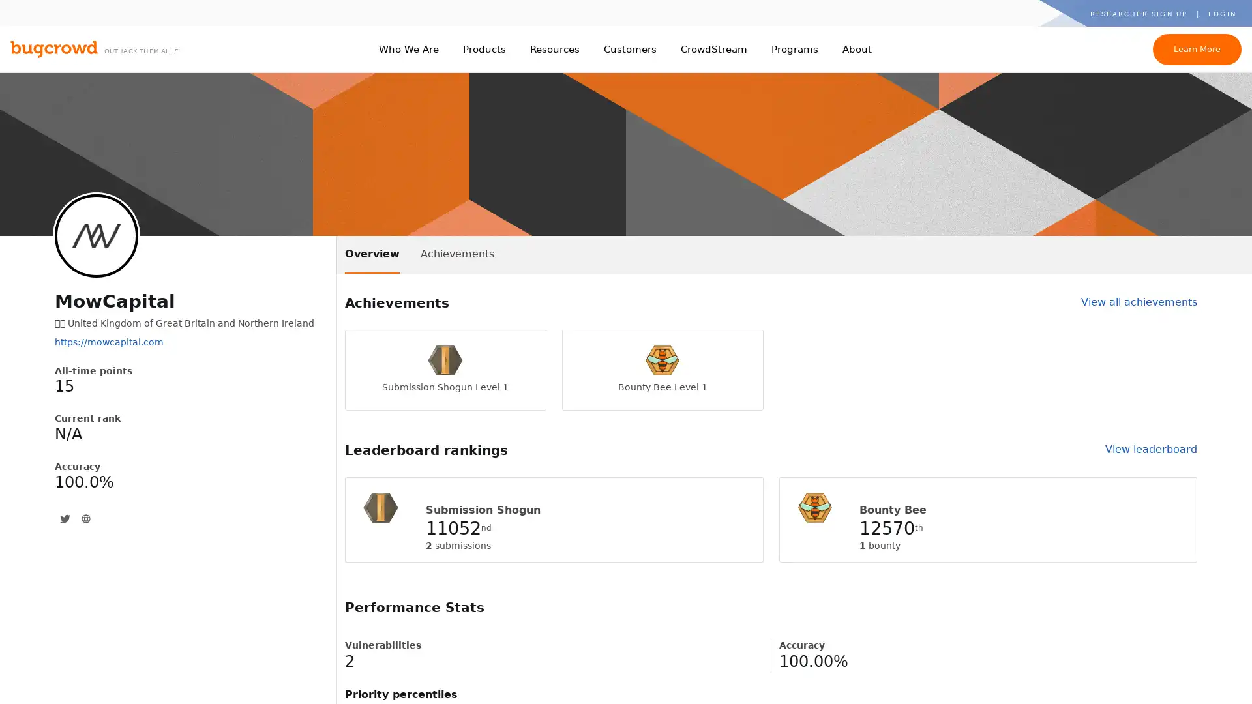 The width and height of the screenshot is (1252, 704). What do you see at coordinates (445, 370) in the screenshot?
I see `Submission Shogun Level 1 Submission Shogun Level 1` at bounding box center [445, 370].